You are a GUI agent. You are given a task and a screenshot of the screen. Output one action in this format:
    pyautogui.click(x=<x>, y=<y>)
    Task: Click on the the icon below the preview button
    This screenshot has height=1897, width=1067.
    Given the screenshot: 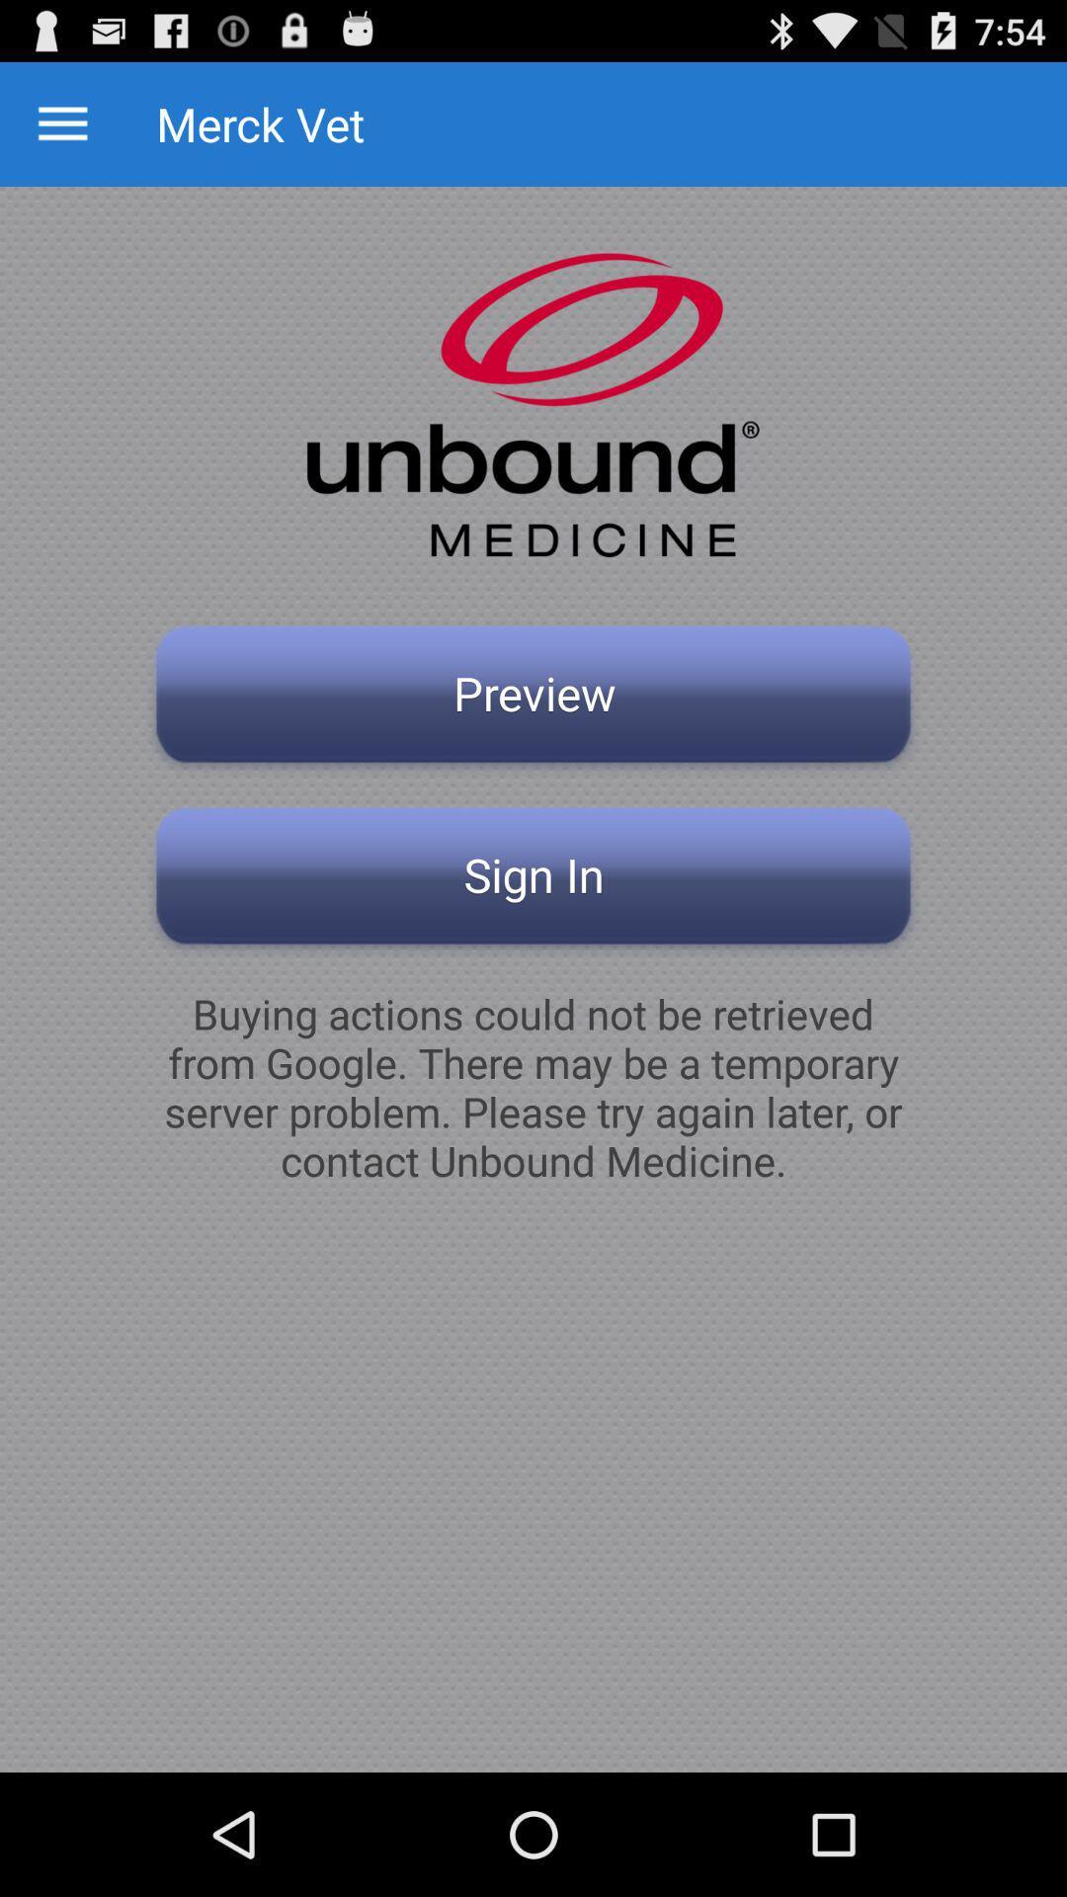 What is the action you would take?
    pyautogui.click(x=533, y=880)
    